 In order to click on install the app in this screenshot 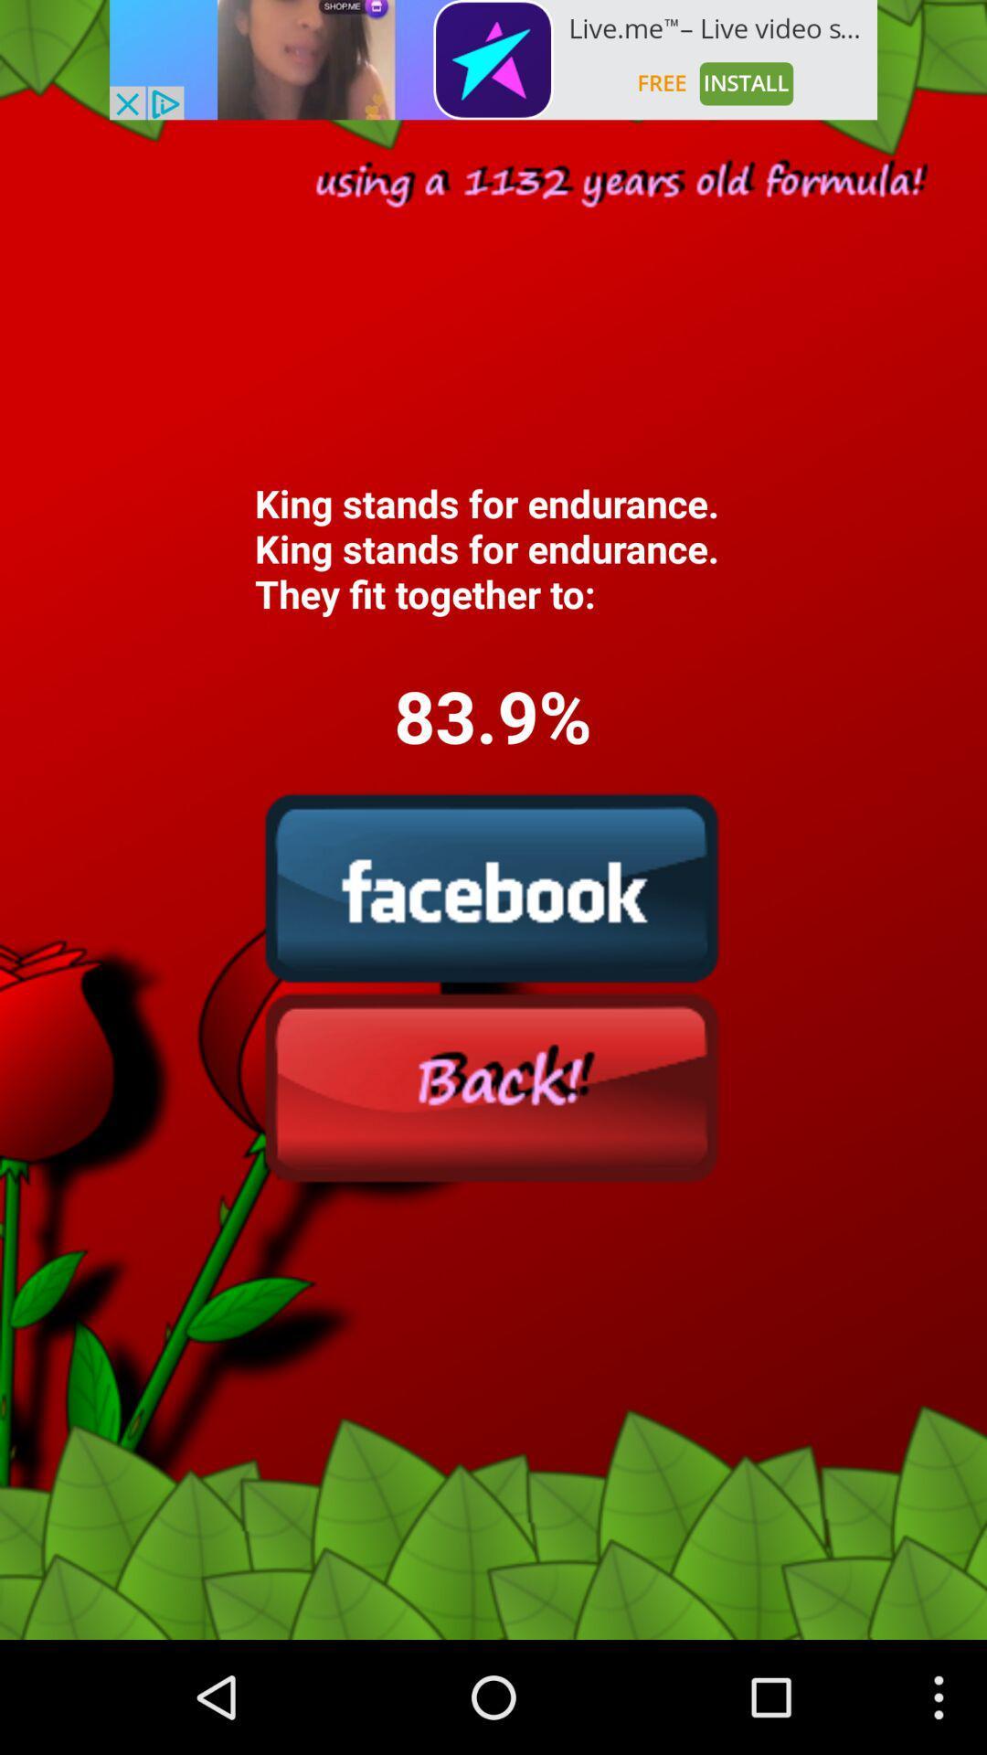, I will do `click(493, 59)`.